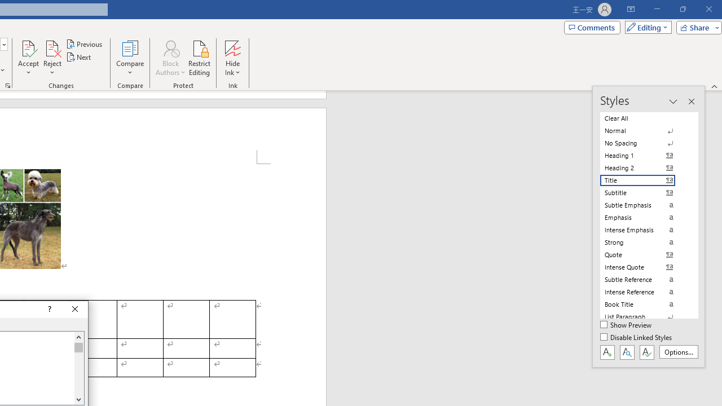  I want to click on 'Strong', so click(644, 241).